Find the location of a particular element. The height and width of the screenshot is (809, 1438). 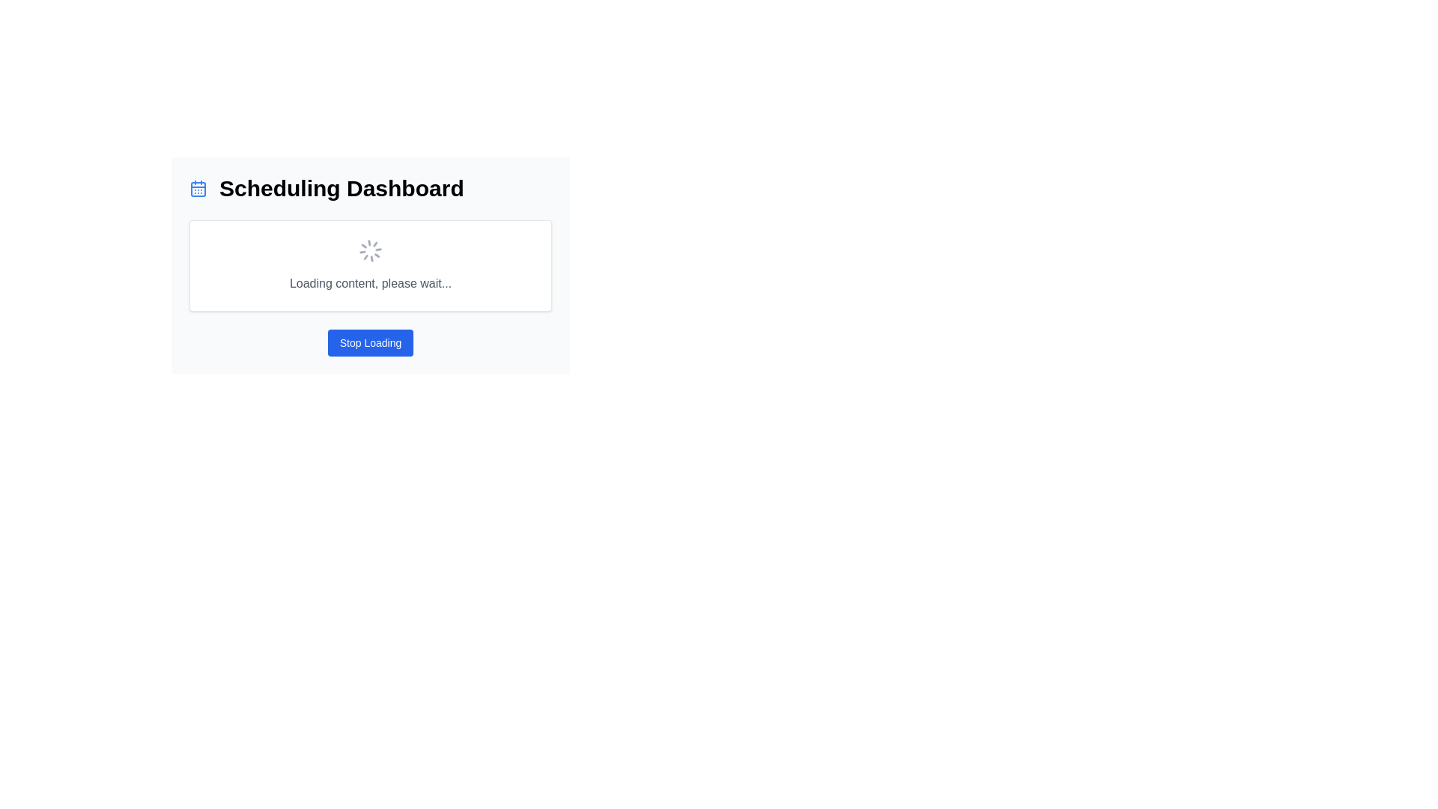

the 'Stop Loading' button, which has a blue background and white text is located at coordinates (370, 343).